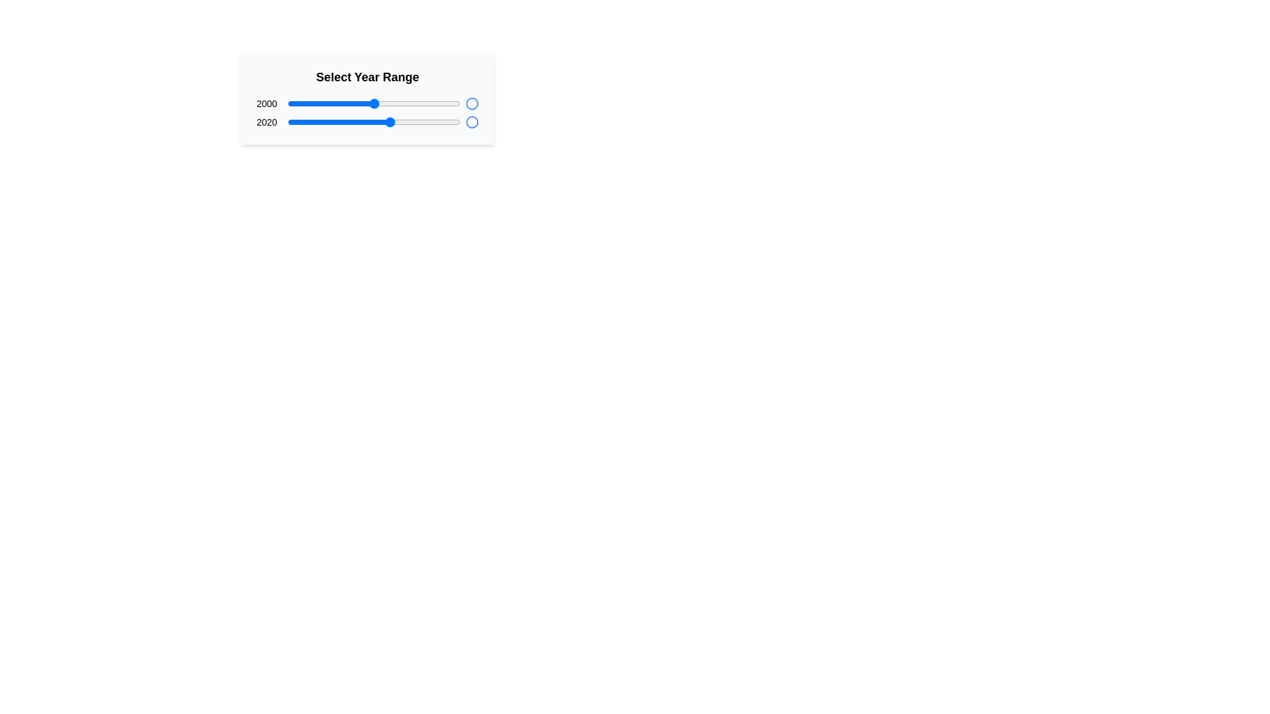  I want to click on the slider track of the 'Select Year Range' control to move the blue marker towards the selected point, which is the first slider indicating the year '2000', so click(368, 98).